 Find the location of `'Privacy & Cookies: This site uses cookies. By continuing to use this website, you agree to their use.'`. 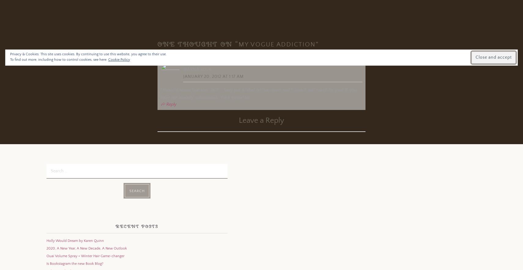

'Privacy & Cookies: This site uses cookies. By continuing to use this website, you agree to their use.' is located at coordinates (88, 54).